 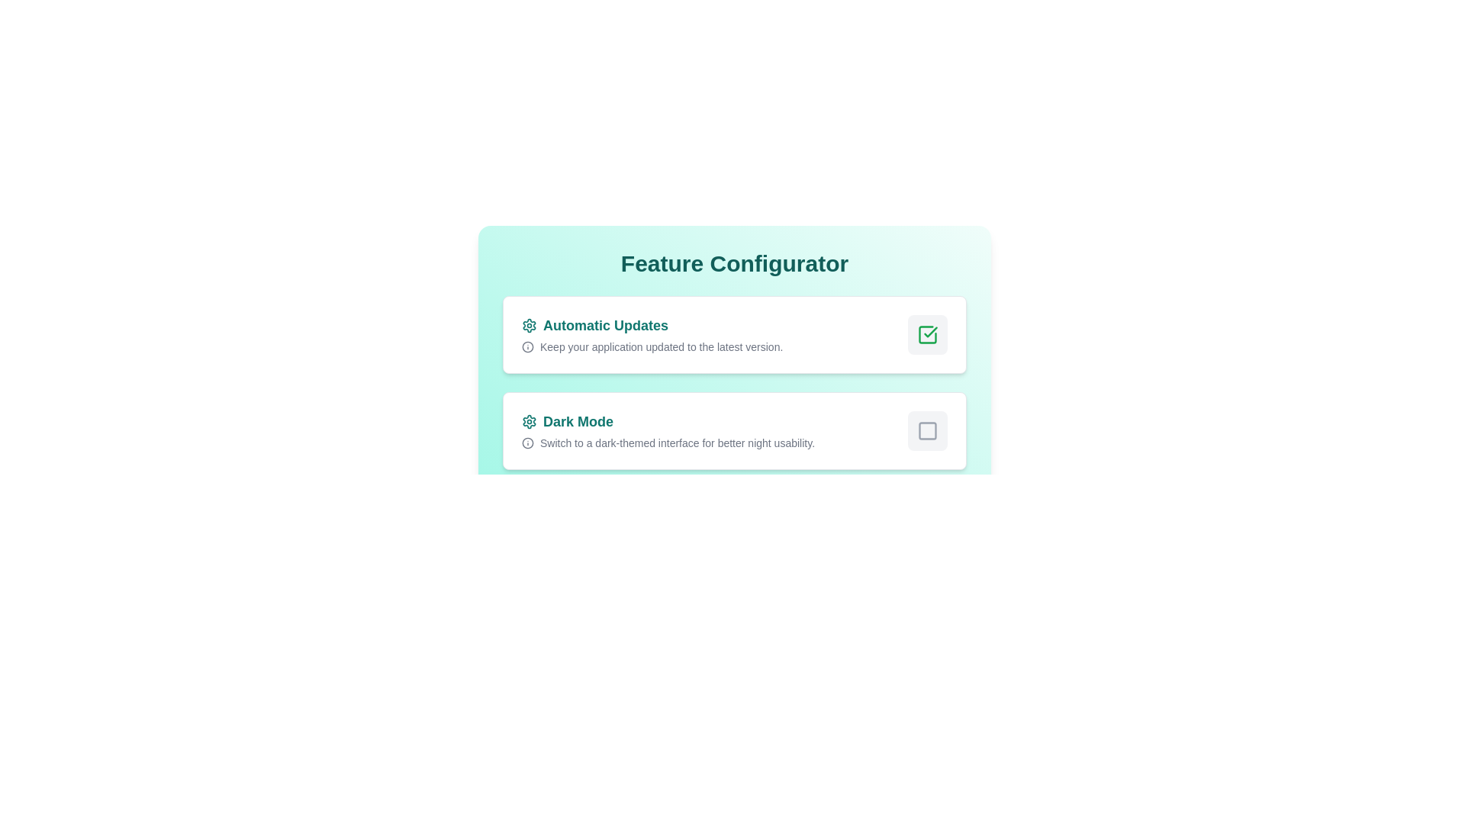 I want to click on the icon representing the 'Dark Mode' feature in the 'Feature Configurator' interface, located to the left of the label text, so click(x=530, y=421).